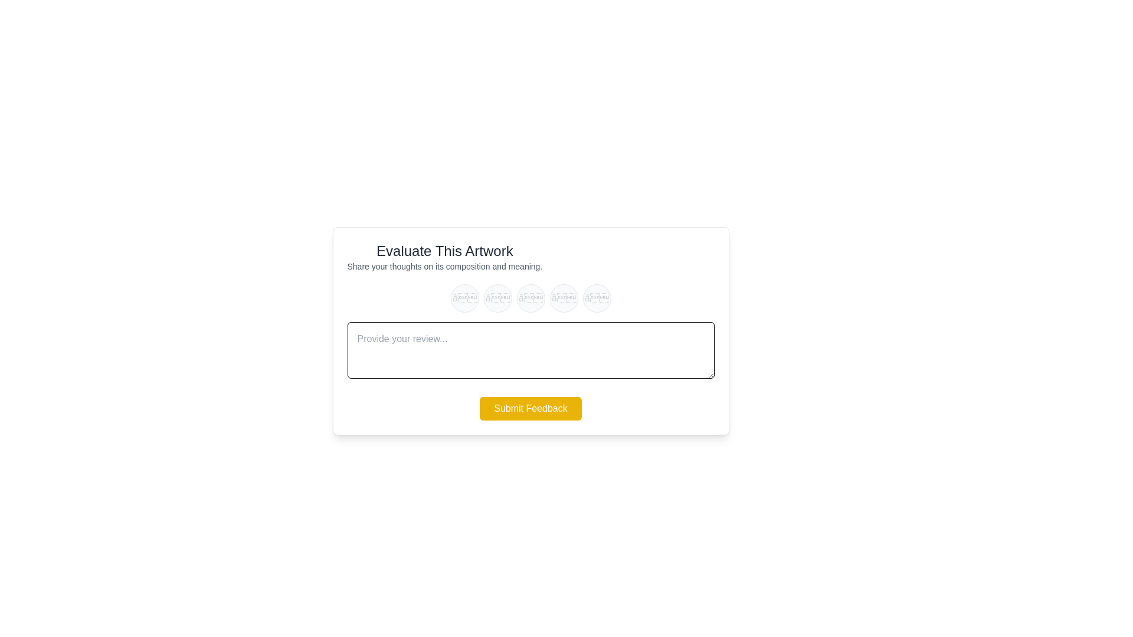  Describe the element at coordinates (563, 297) in the screenshot. I see `the star rating to 4 by clicking on the corresponding star button` at that location.